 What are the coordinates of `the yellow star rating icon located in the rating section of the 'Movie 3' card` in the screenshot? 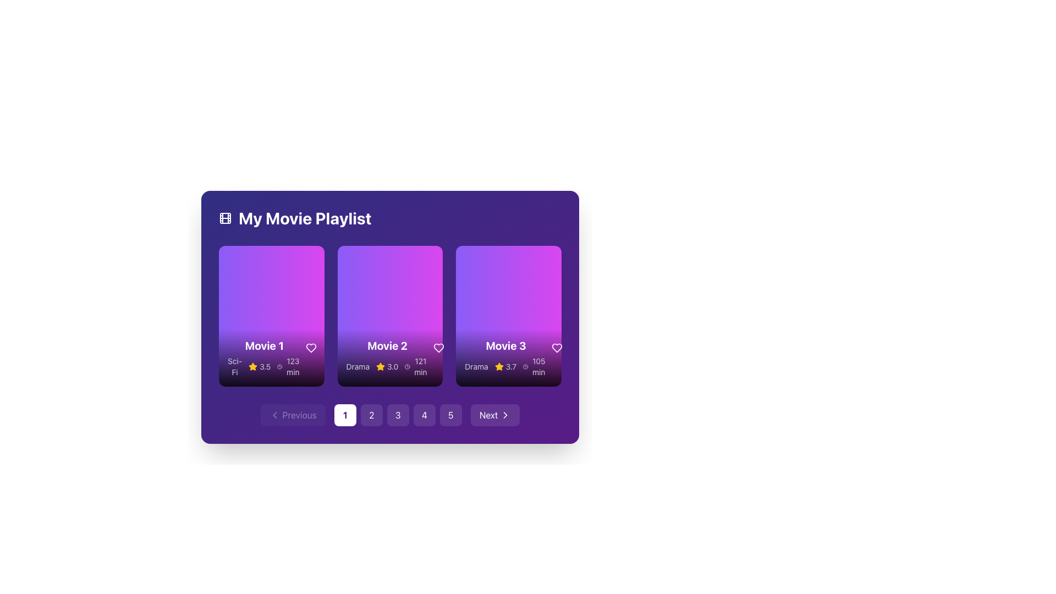 It's located at (498, 367).